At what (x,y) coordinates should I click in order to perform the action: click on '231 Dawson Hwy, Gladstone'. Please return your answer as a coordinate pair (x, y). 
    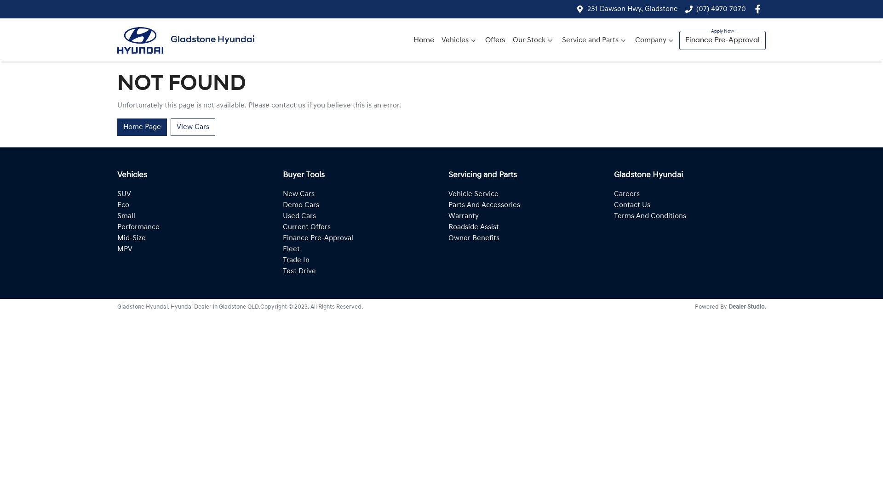
    Looking at the image, I should click on (632, 9).